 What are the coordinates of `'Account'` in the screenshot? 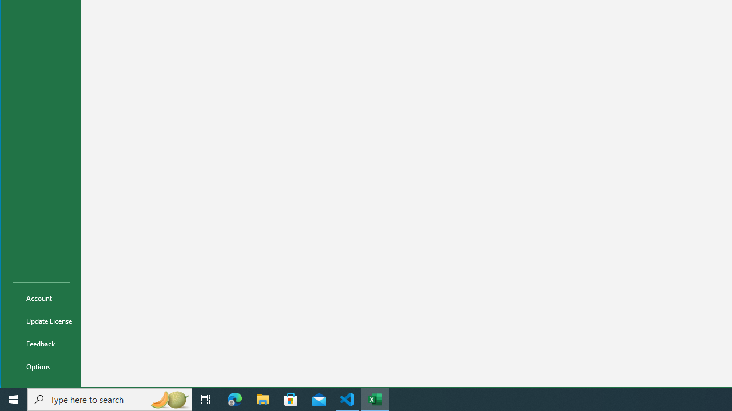 It's located at (41, 297).